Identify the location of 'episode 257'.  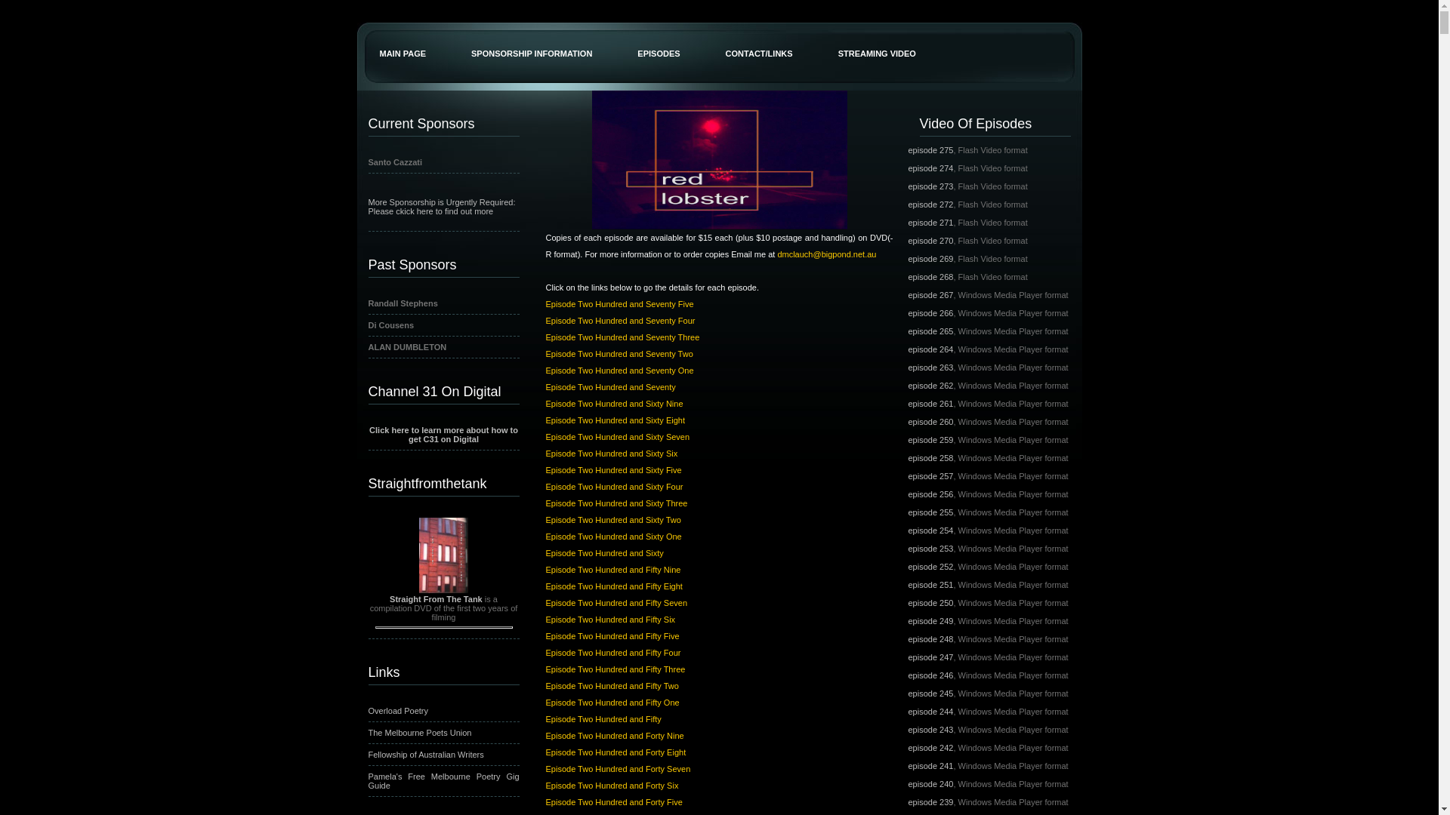
(930, 476).